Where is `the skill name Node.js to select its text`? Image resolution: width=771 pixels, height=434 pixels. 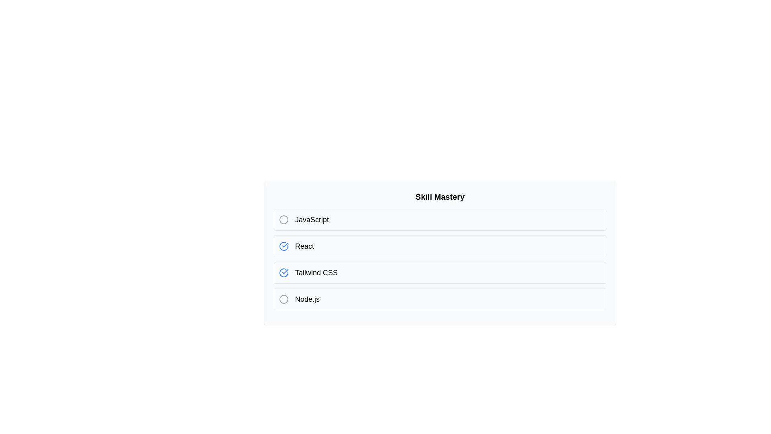
the skill name Node.js to select its text is located at coordinates (306, 299).